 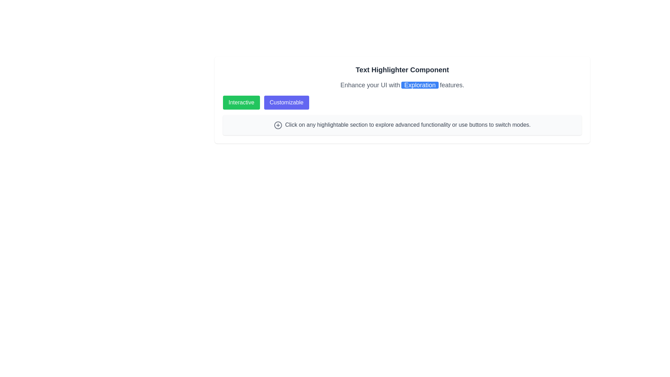 I want to click on the circular icon with a '+' symbol, which is styled with thin, gray-colored strokes, located at the beginning of the sentence: 'Click on any highlightable section, so click(x=278, y=125).